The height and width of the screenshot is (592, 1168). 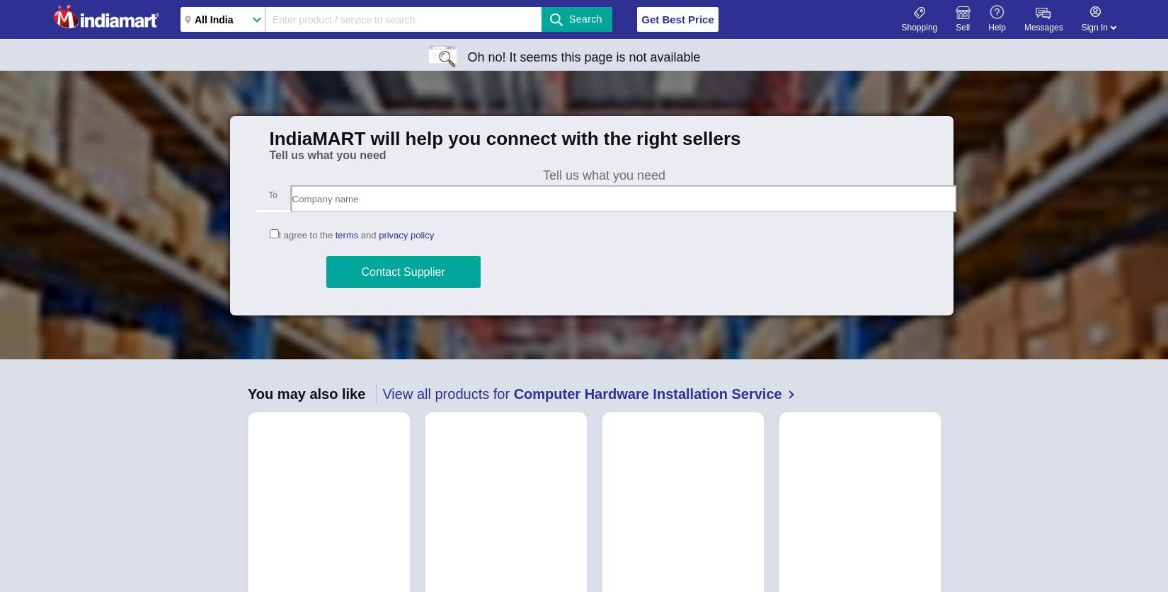 I want to click on 'privacy policy', so click(x=406, y=235).